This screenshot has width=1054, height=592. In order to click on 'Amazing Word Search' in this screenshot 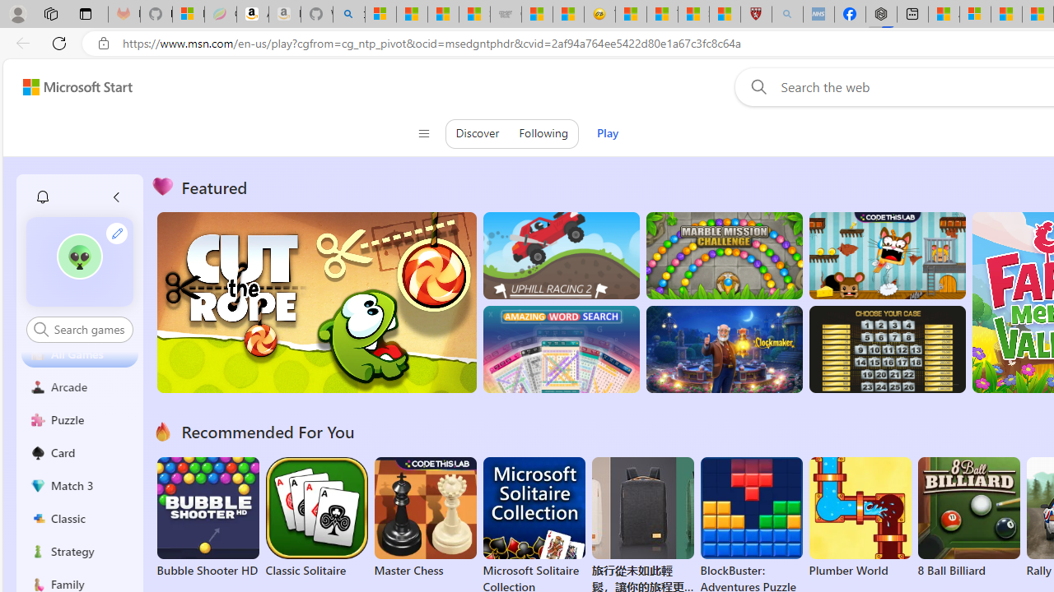, I will do `click(561, 349)`.